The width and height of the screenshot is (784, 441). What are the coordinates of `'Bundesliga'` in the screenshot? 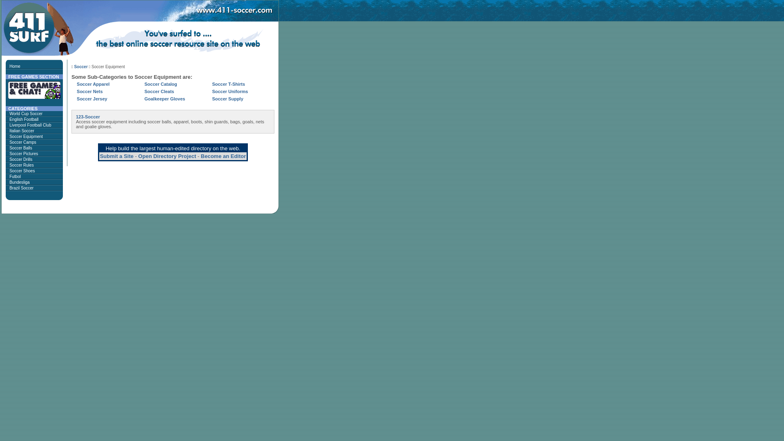 It's located at (19, 182).